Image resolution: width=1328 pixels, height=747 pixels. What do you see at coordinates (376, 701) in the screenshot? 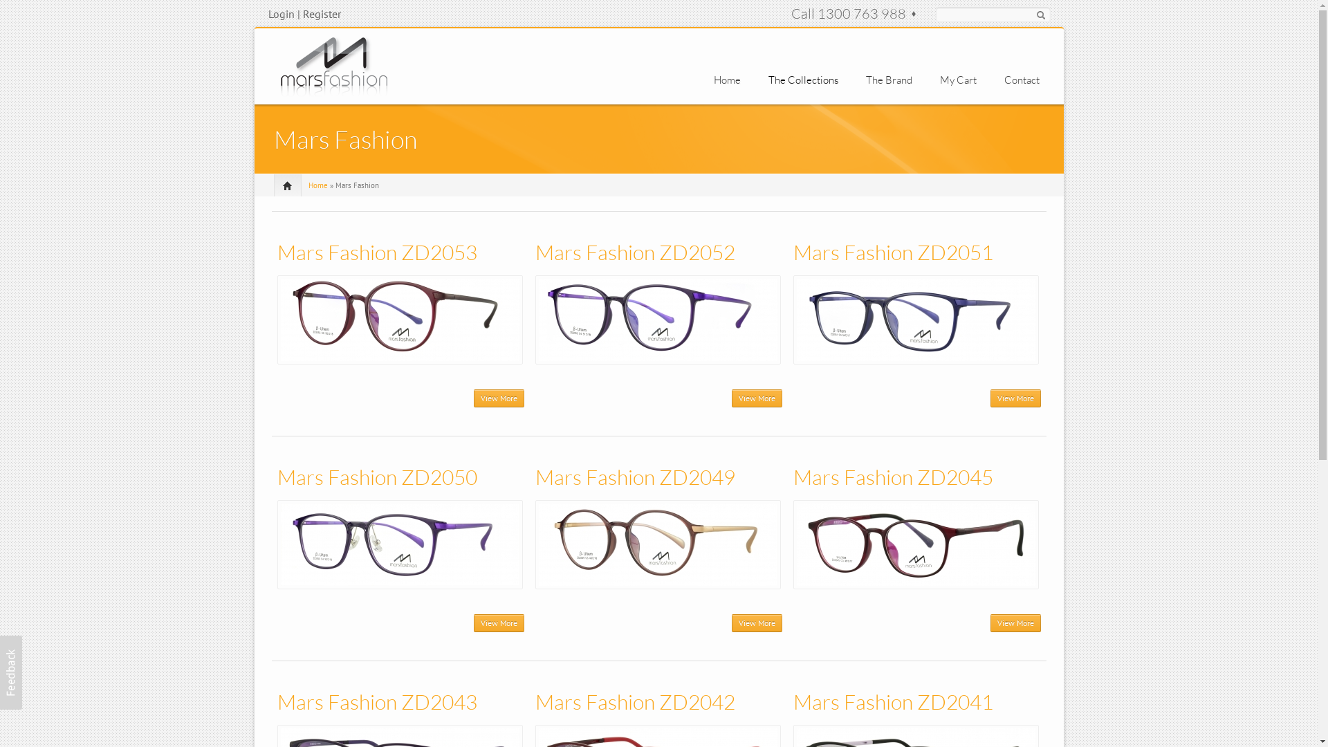
I see `'Mars Fashion ZD2043'` at bounding box center [376, 701].